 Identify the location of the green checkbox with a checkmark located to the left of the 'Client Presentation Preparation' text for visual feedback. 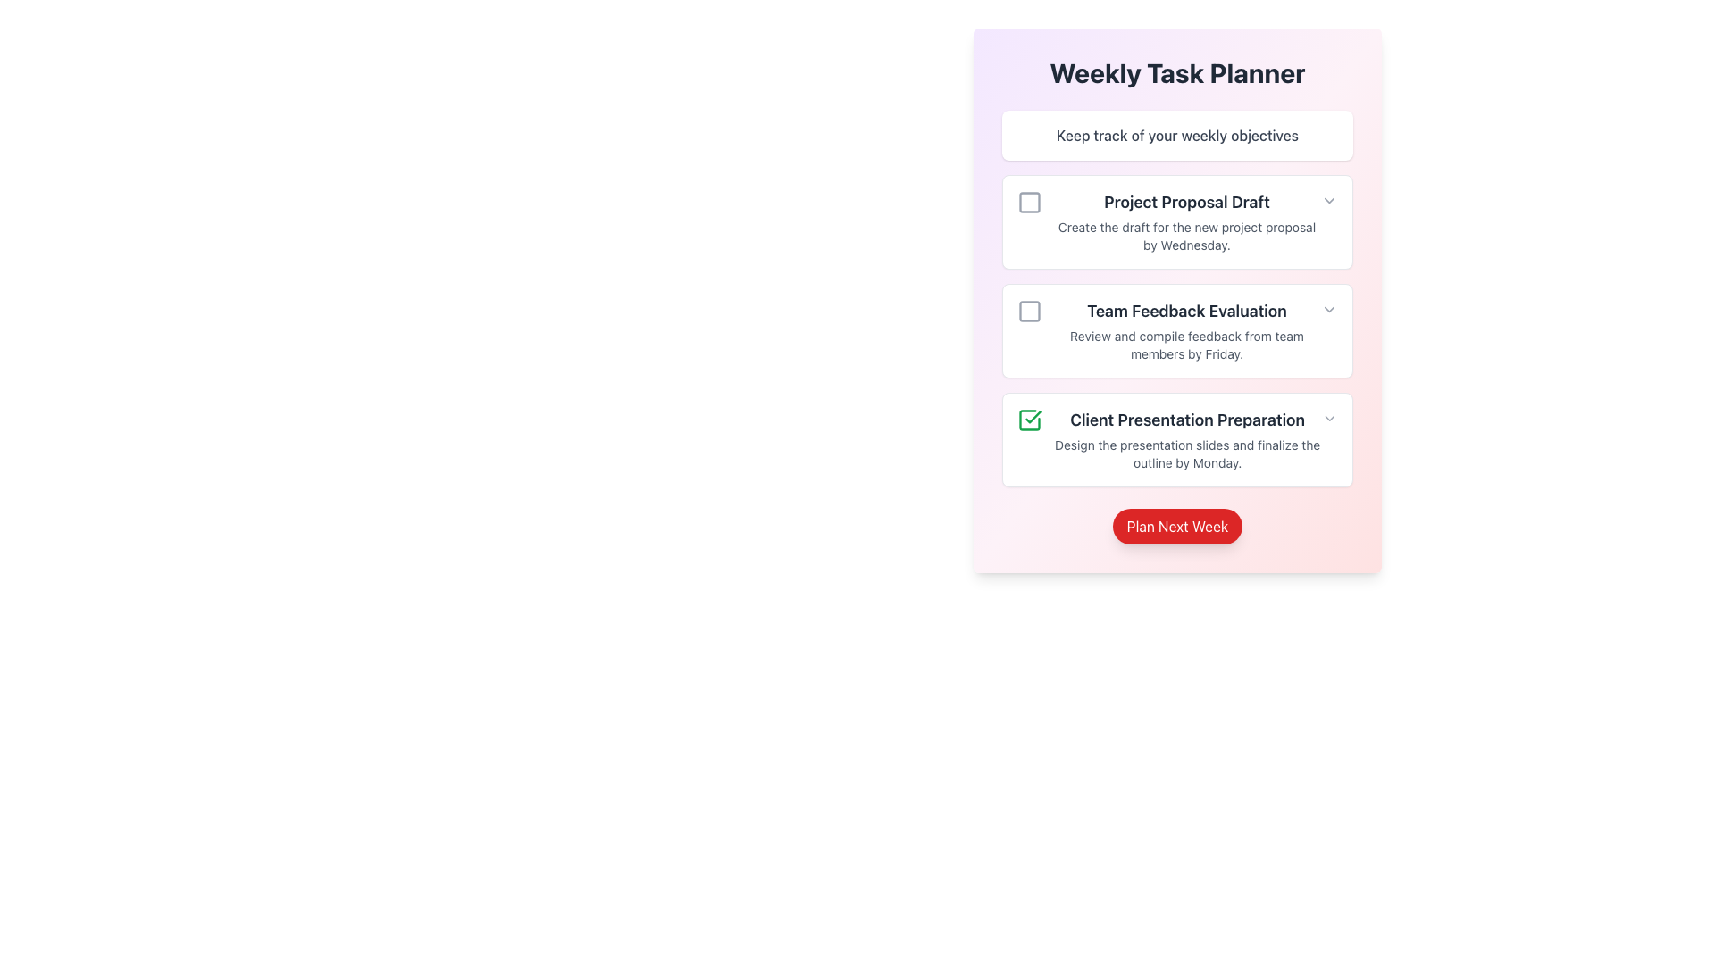
(1029, 420).